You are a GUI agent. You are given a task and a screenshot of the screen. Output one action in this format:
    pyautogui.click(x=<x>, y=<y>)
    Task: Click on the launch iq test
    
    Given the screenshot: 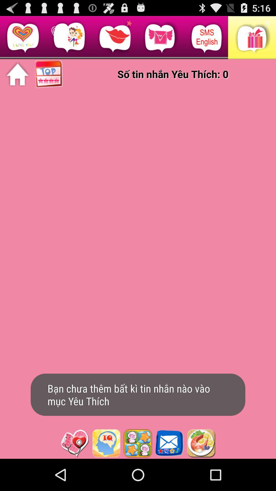 What is the action you would take?
    pyautogui.click(x=106, y=443)
    